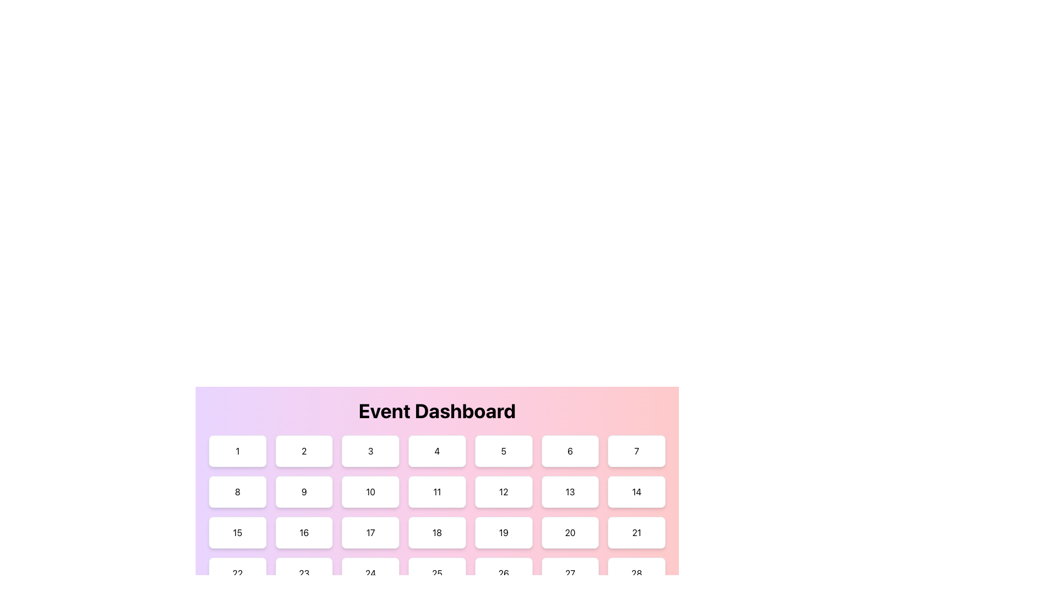 Image resolution: width=1058 pixels, height=595 pixels. Describe the element at coordinates (370, 532) in the screenshot. I see `the button representing the number '17' in the Event Dashboard grid` at that location.